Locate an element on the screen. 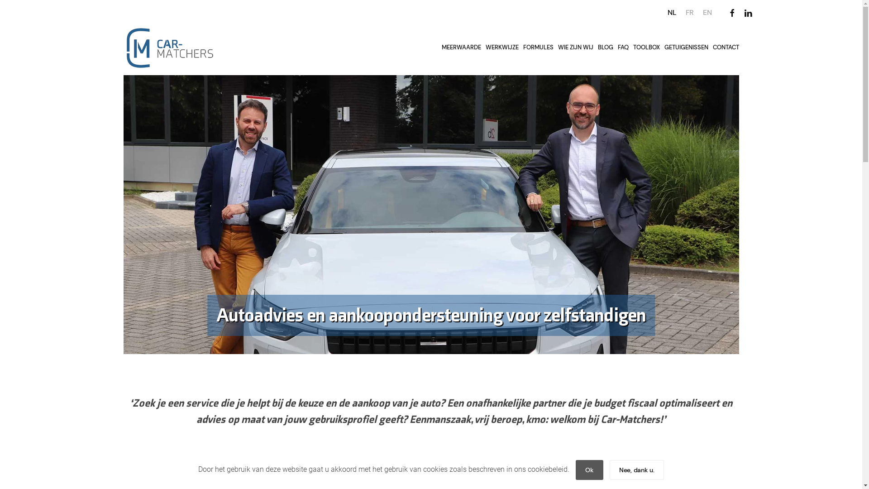 This screenshot has height=489, width=869. 'NL' is located at coordinates (672, 12).